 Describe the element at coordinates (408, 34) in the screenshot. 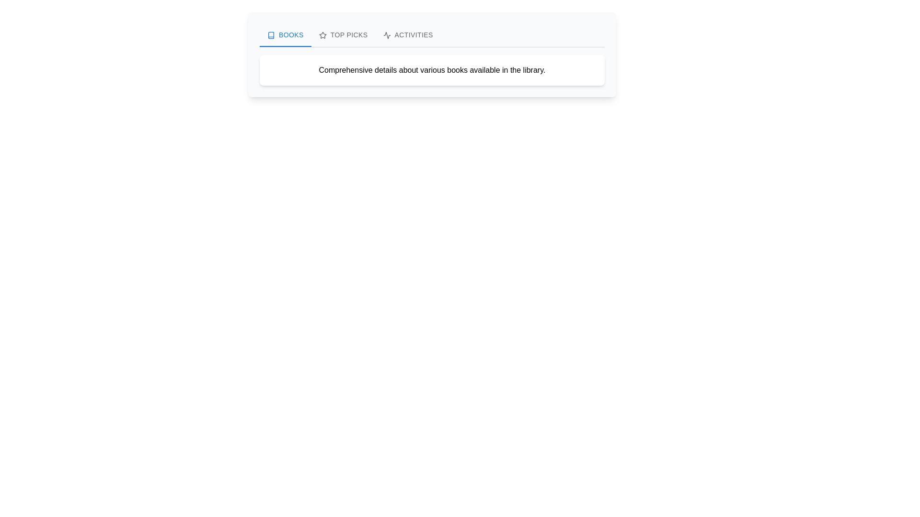

I see `the 'Activities' button located in the top navigation bar, which is the third tab from the left after the 'Books' and 'Top Picks' tabs to trigger hover effects` at that location.